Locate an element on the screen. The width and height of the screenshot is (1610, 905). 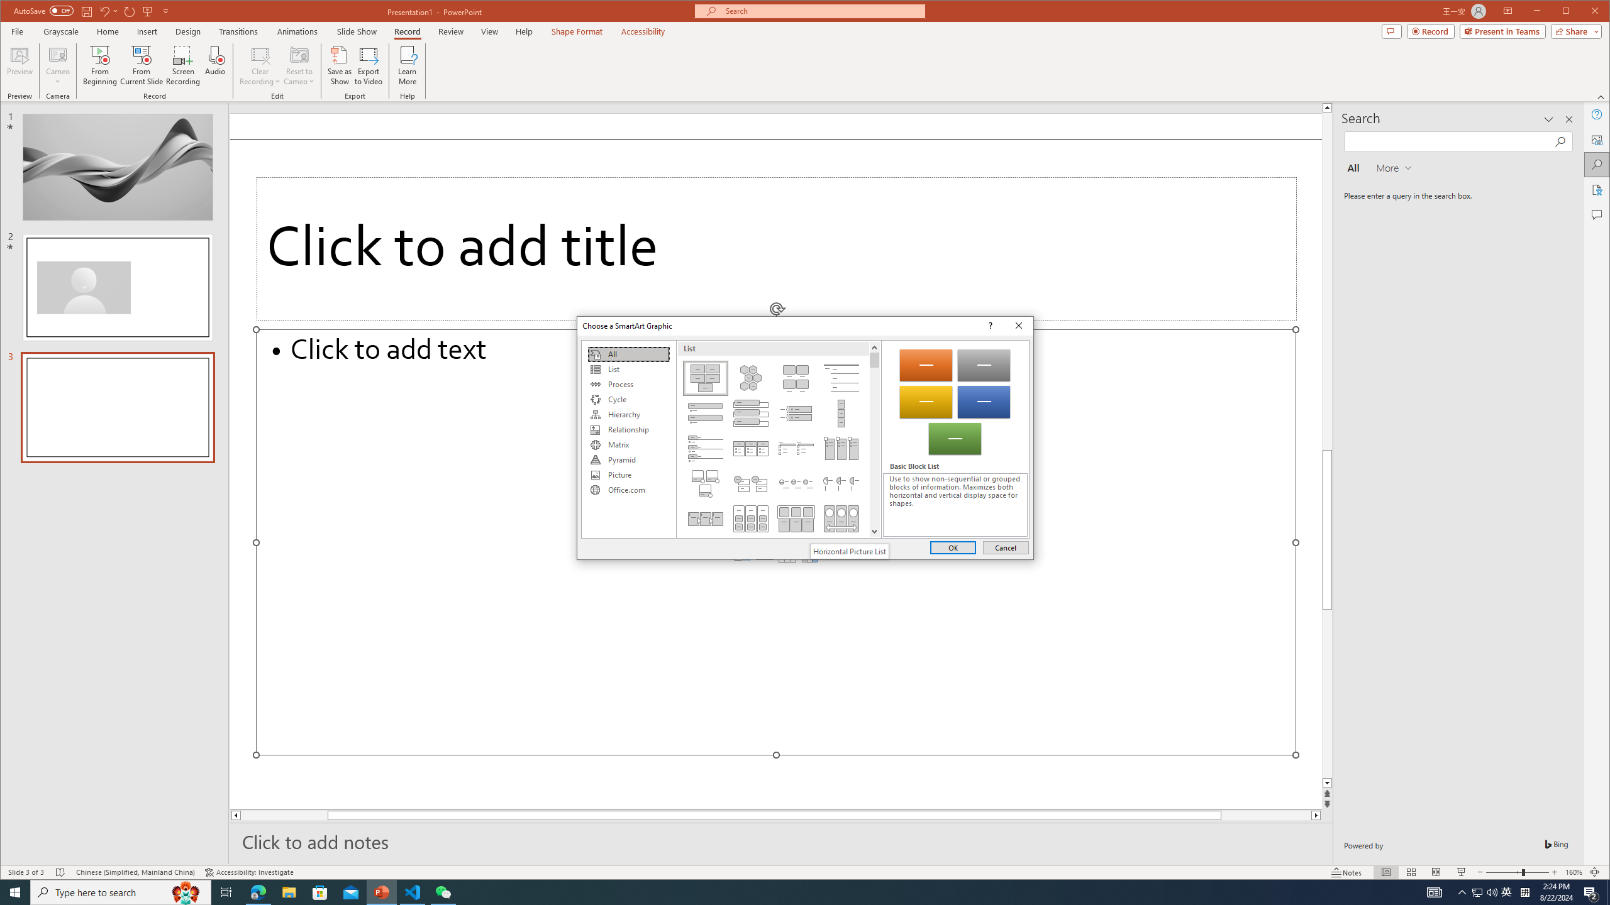
'Square Accent List' is located at coordinates (795, 447).